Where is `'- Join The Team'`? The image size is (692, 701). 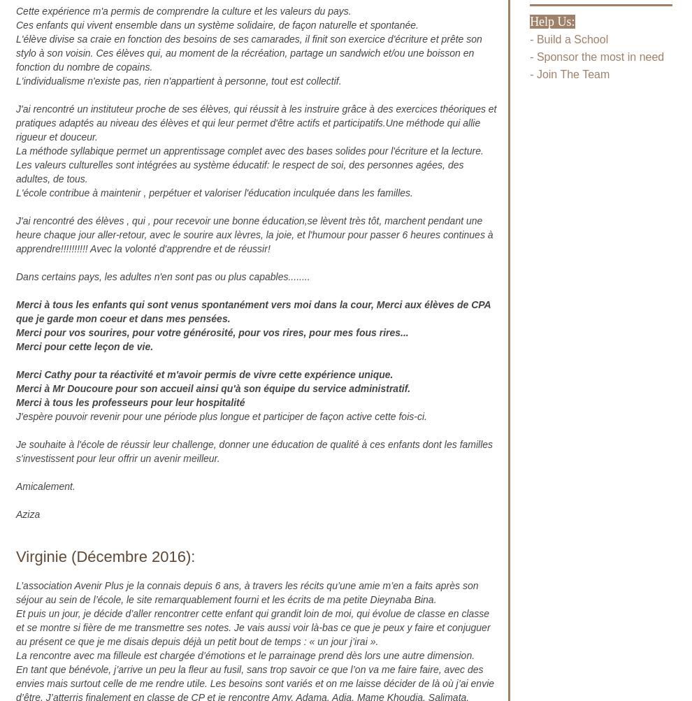
'- Join The Team' is located at coordinates (568, 73).